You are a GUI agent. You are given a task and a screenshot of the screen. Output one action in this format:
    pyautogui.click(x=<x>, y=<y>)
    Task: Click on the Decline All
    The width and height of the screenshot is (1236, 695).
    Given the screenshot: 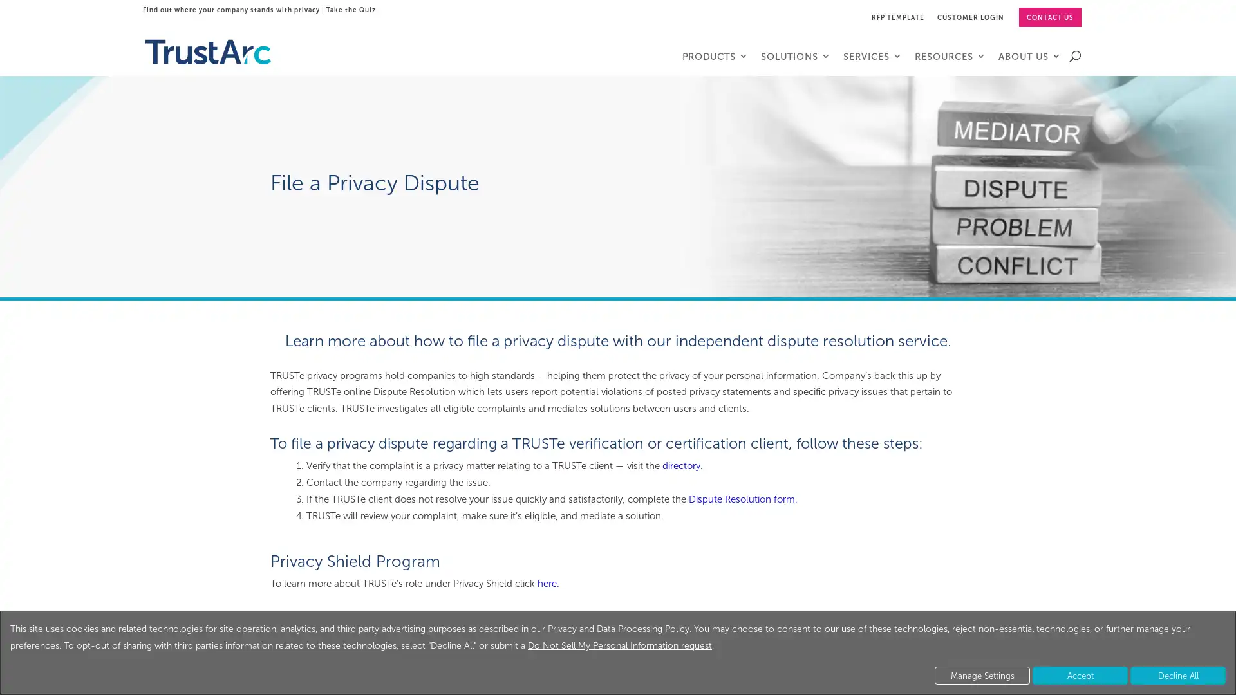 What is the action you would take?
    pyautogui.click(x=1177, y=674)
    